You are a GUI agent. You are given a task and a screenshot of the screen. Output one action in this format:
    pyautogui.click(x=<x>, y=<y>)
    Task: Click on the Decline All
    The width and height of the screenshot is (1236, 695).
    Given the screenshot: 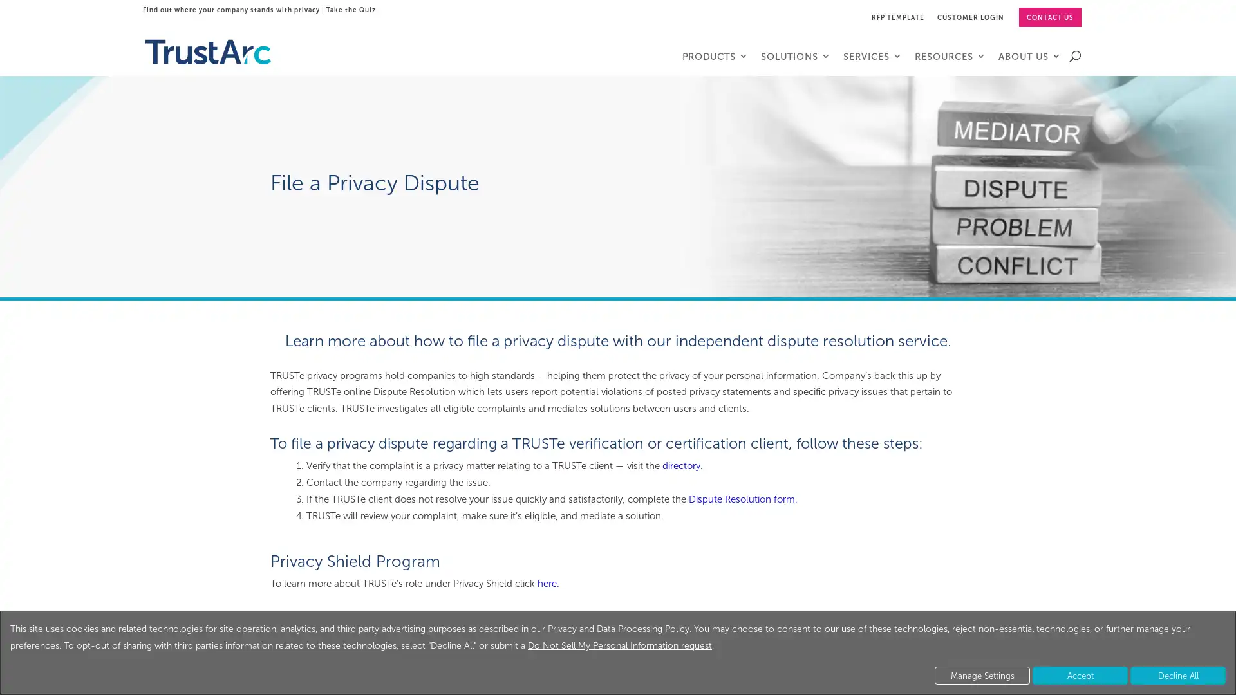 What is the action you would take?
    pyautogui.click(x=1177, y=674)
    